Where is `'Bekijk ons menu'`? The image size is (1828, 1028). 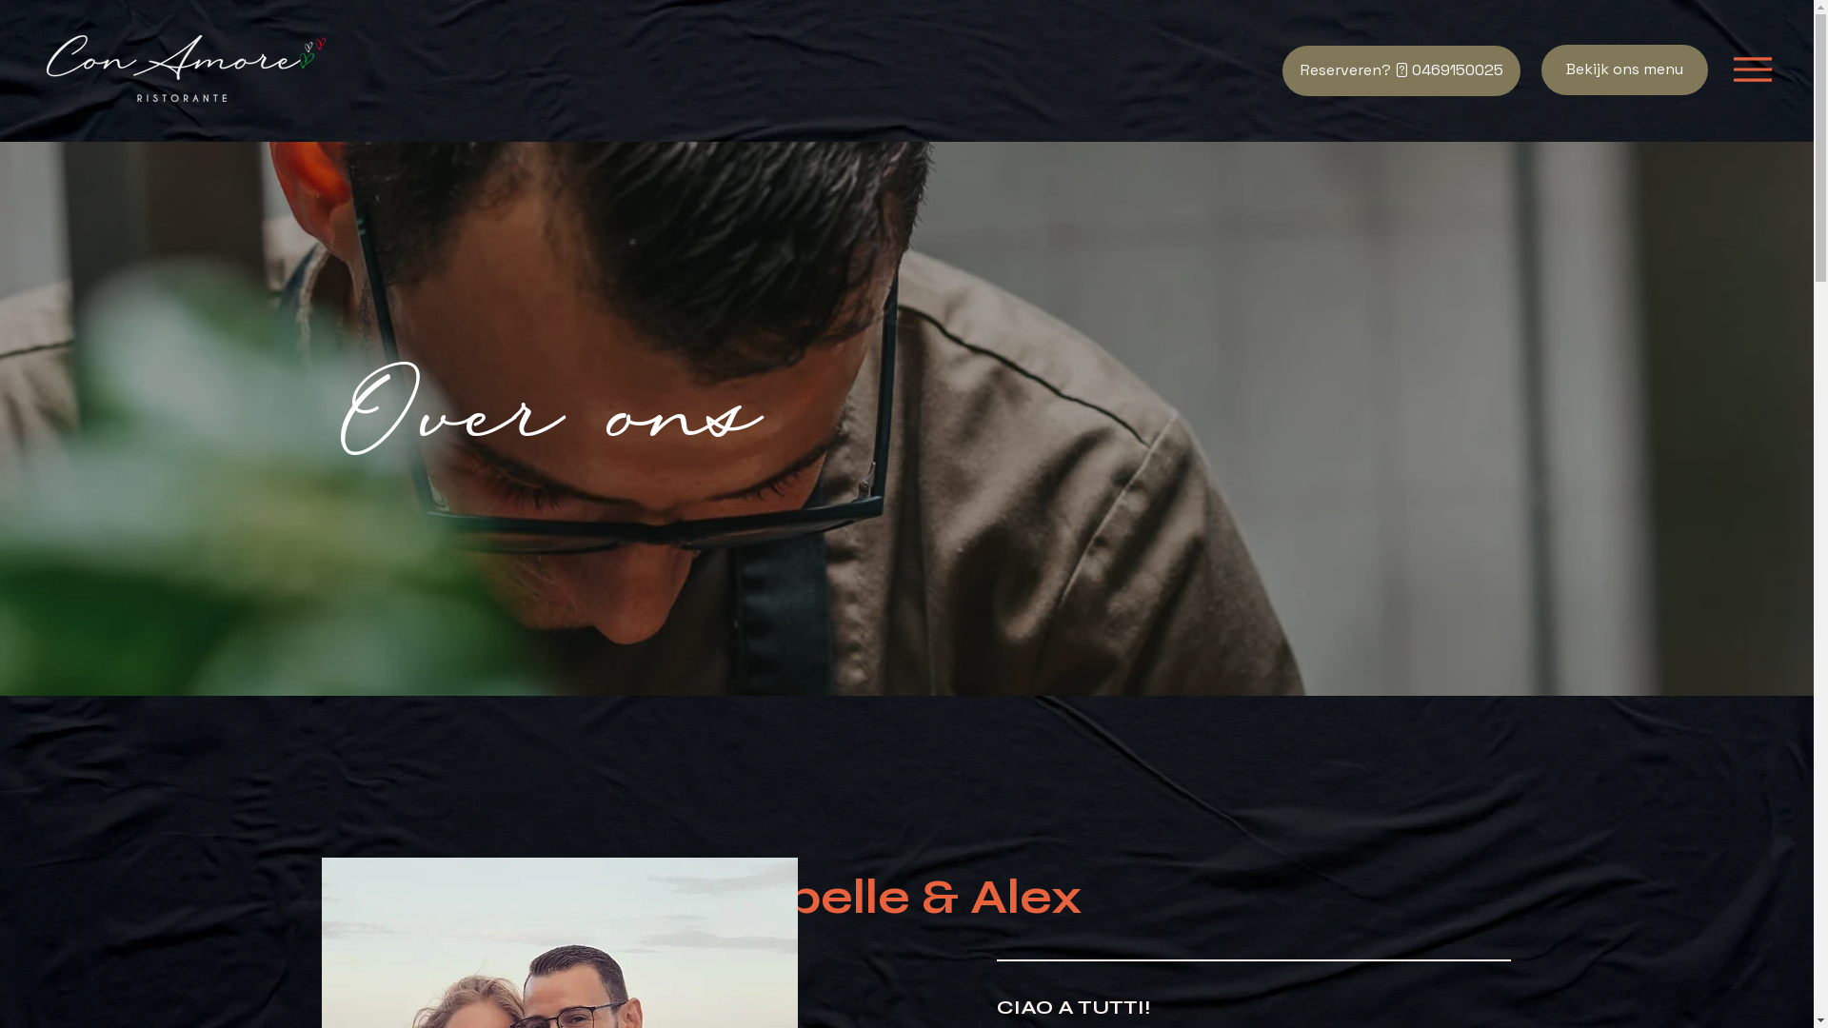 'Bekijk ons menu' is located at coordinates (1623, 69).